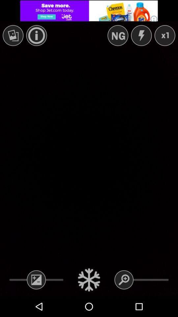  I want to click on the info icon, so click(37, 35).